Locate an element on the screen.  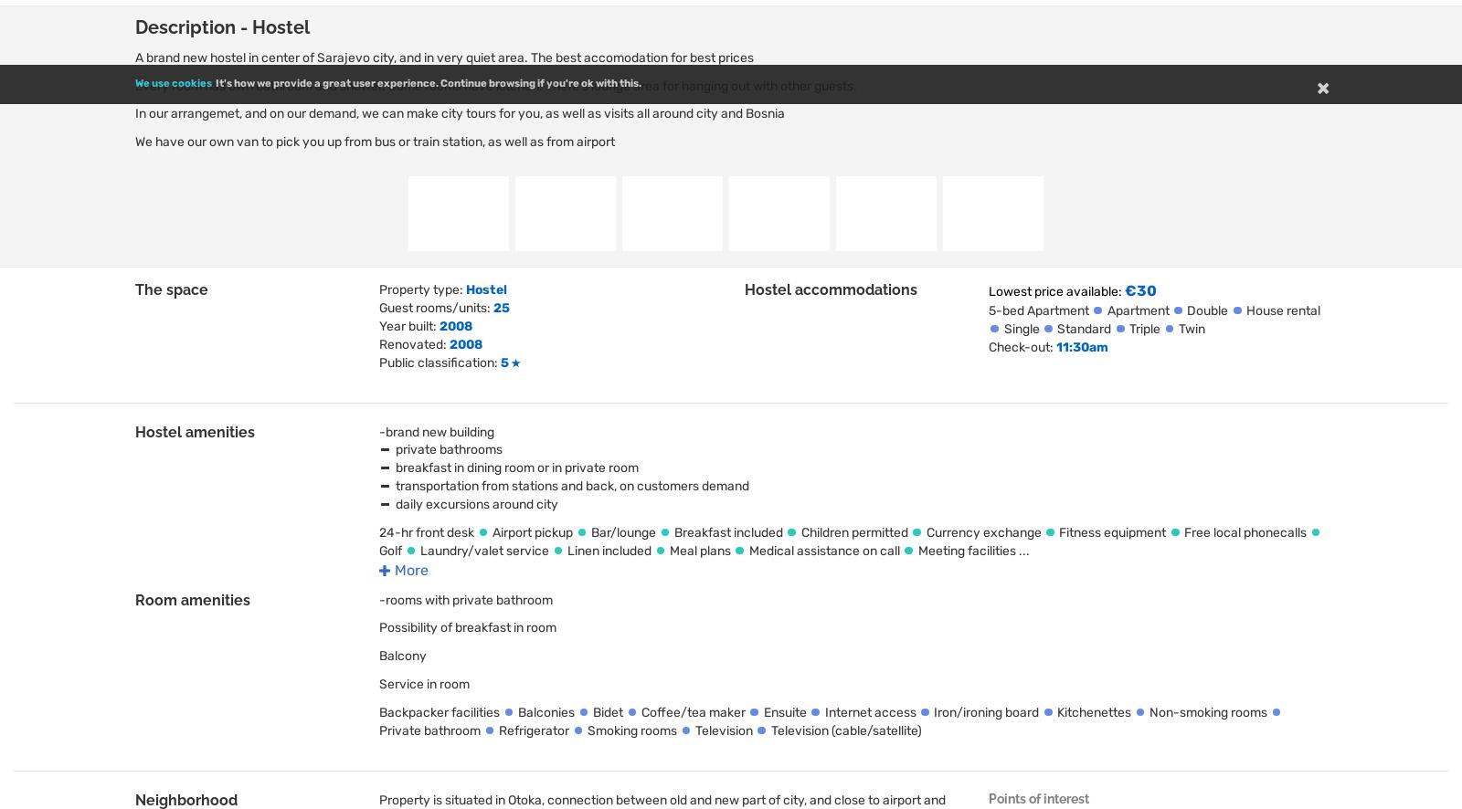
'€30' is located at coordinates (1139, 289).